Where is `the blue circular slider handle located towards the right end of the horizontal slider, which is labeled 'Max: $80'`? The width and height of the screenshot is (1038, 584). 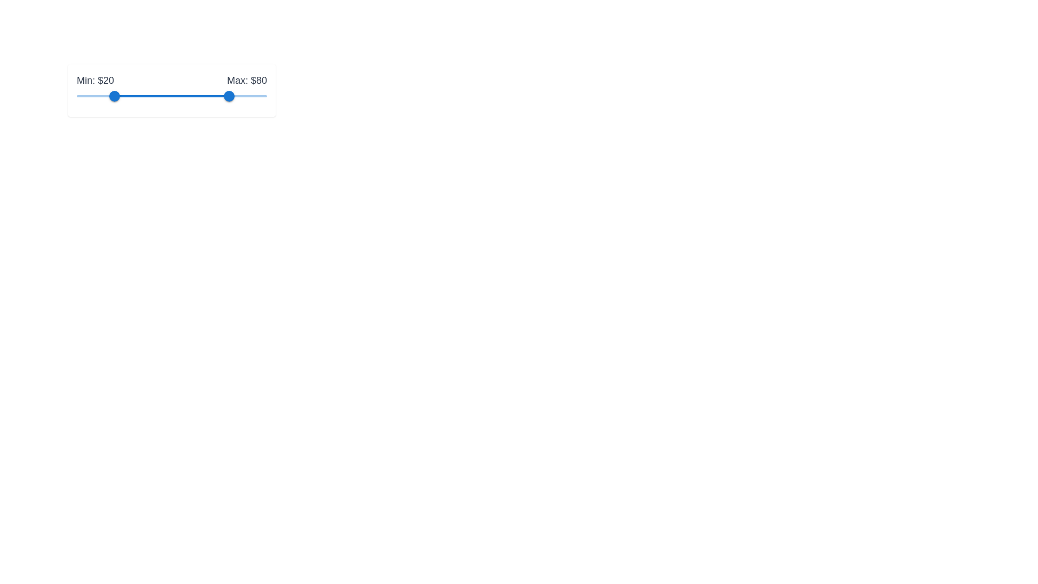 the blue circular slider handle located towards the right end of the horizontal slider, which is labeled 'Max: $80' is located at coordinates (228, 95).